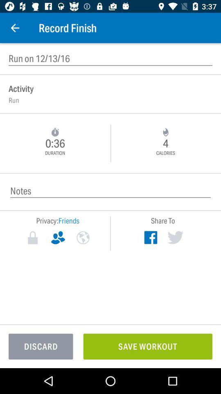 This screenshot has height=394, width=221. I want to click on the group icon, so click(57, 238).